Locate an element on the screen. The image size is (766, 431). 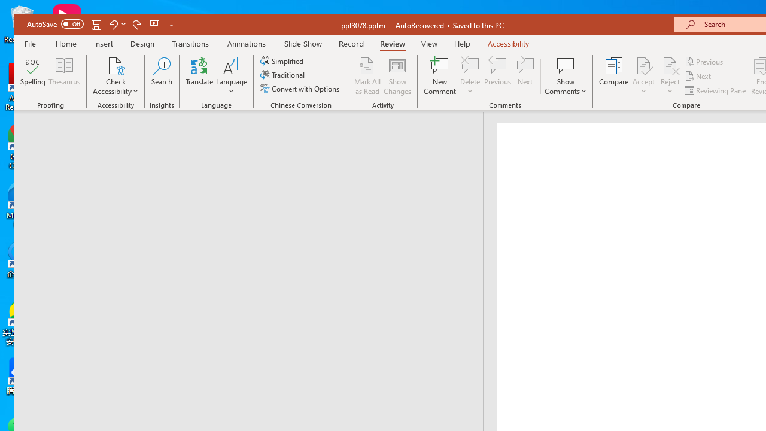
'Accept' is located at coordinates (643, 76).